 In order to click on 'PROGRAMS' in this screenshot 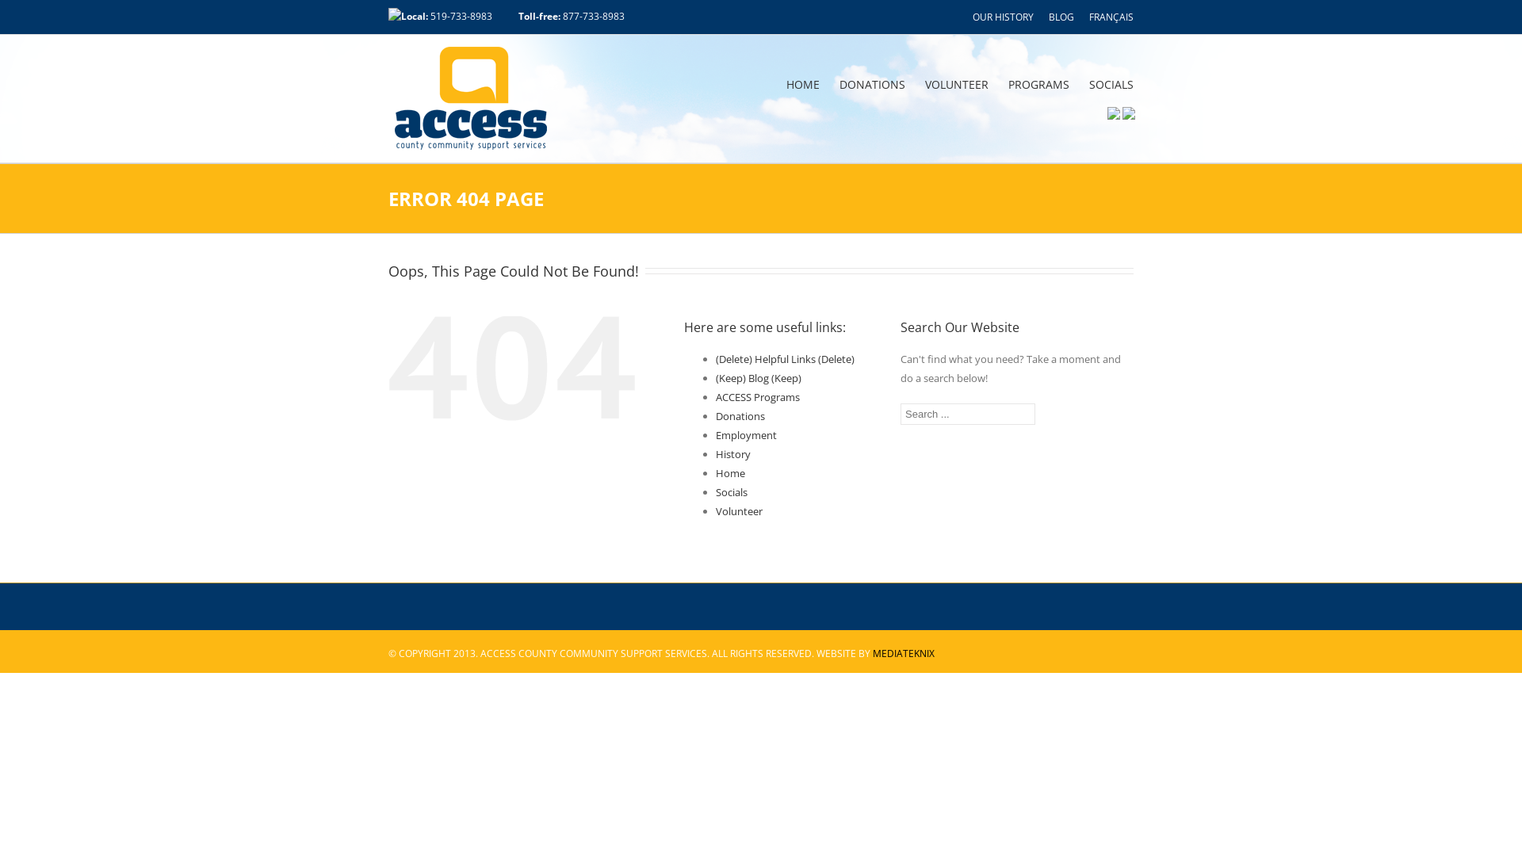, I will do `click(1038, 83)`.